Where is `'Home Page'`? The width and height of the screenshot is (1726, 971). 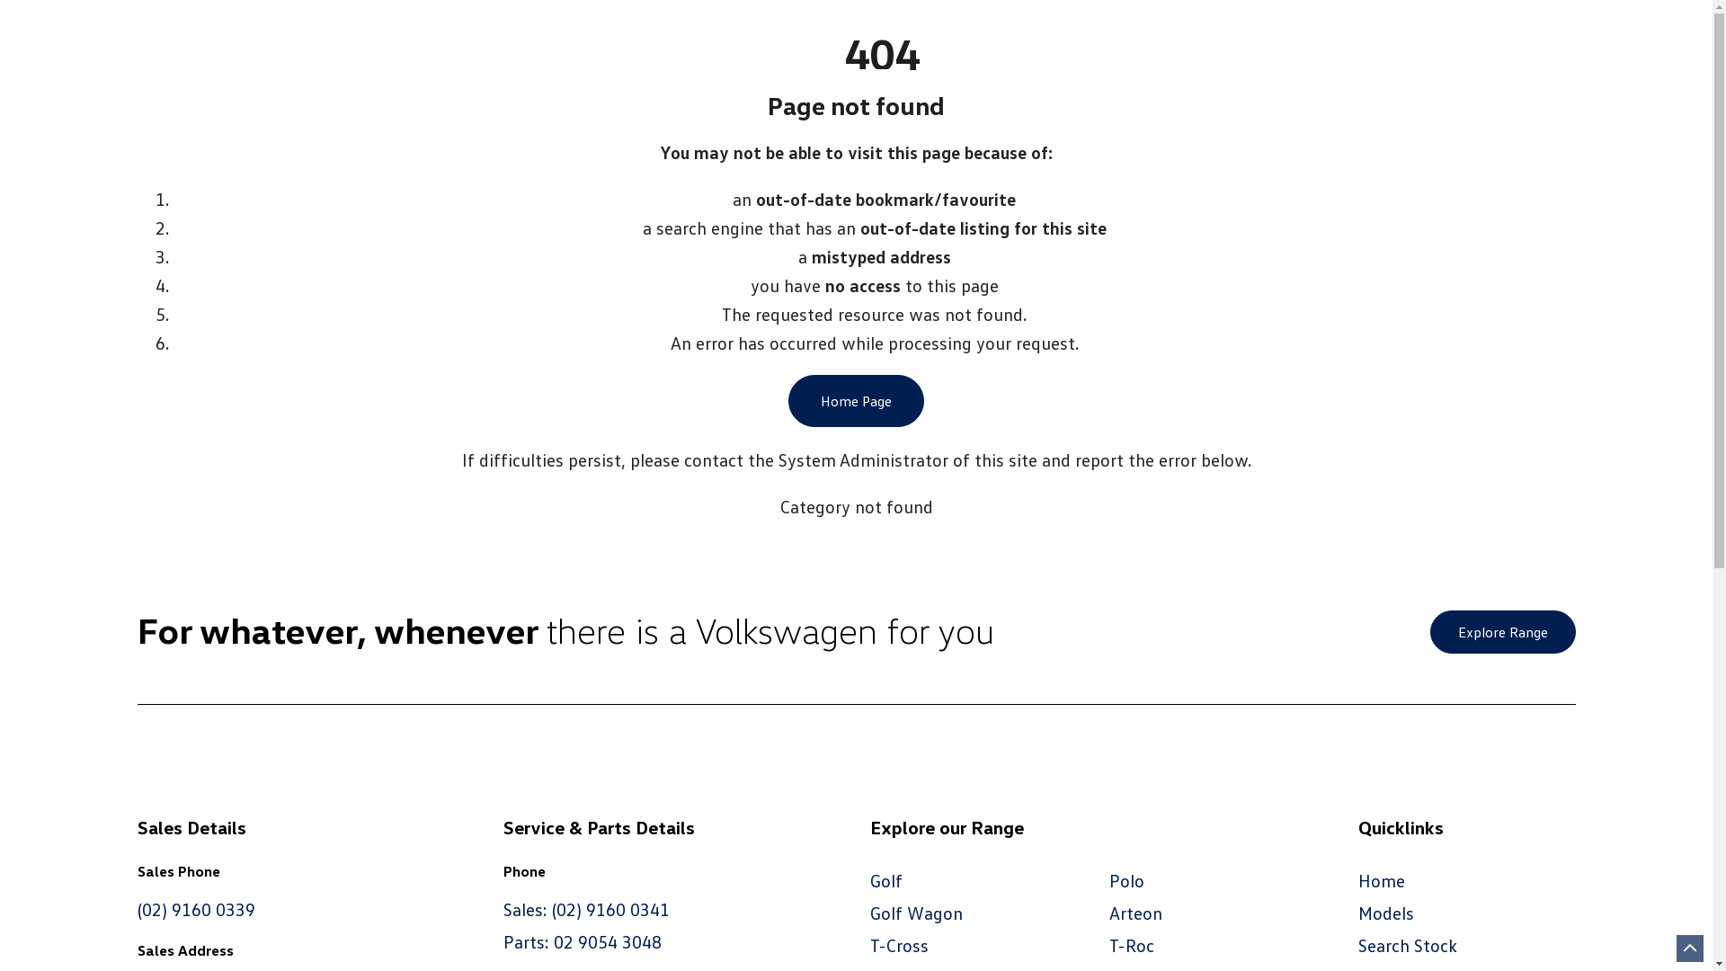
'Home Page' is located at coordinates (855, 400).